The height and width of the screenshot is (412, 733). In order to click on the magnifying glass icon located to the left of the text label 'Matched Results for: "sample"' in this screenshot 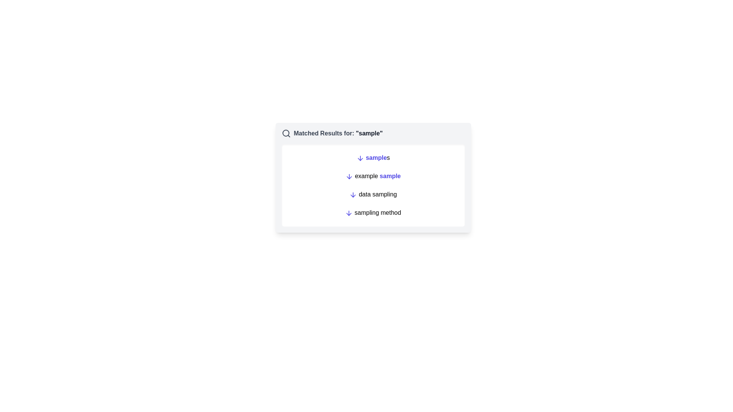, I will do `click(286, 133)`.